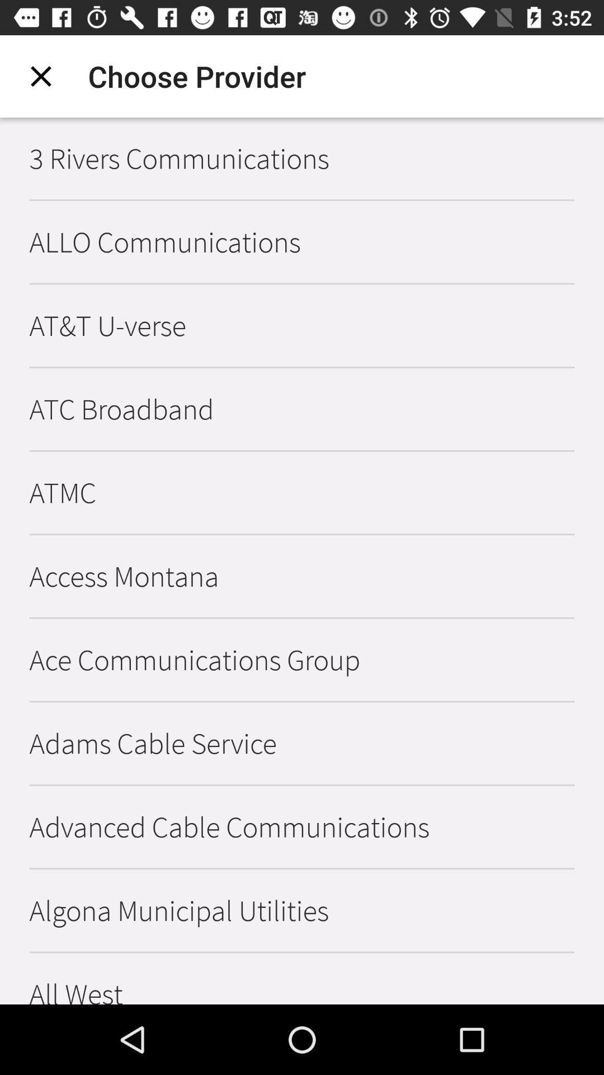 The width and height of the screenshot is (604, 1075). What do you see at coordinates (40, 76) in the screenshot?
I see `item above the 3 rivers communications item` at bounding box center [40, 76].